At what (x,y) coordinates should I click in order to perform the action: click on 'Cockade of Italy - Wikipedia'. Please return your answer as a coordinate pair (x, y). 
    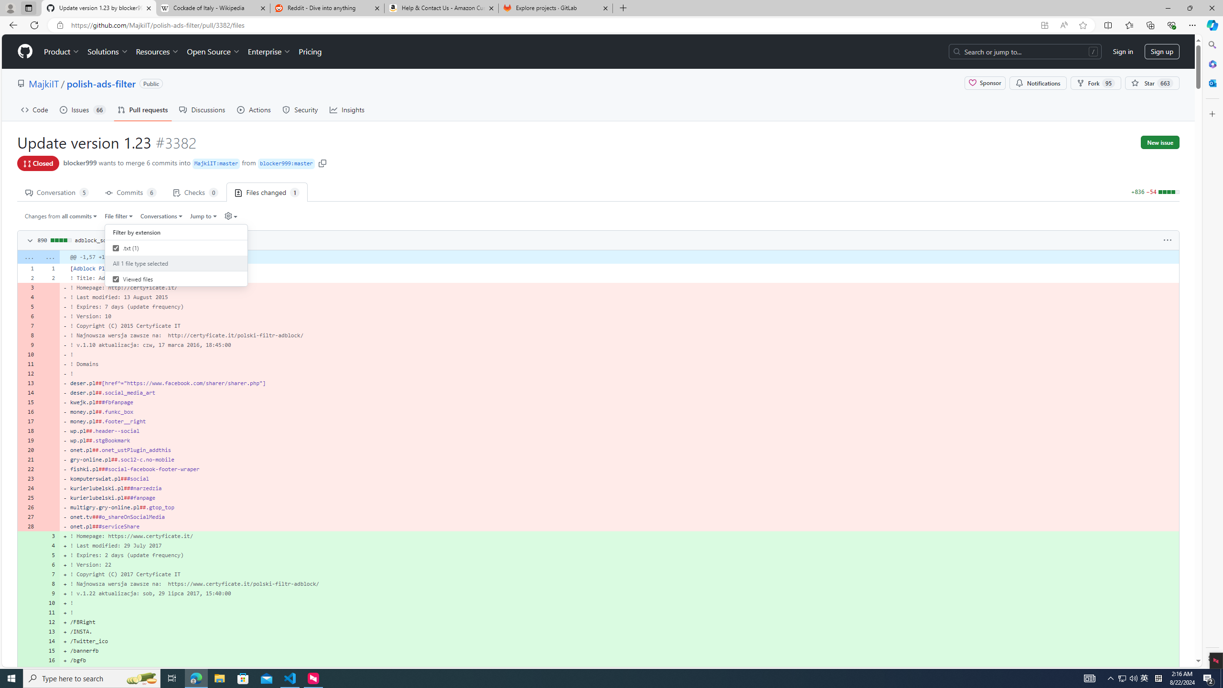
    Looking at the image, I should click on (212, 8).